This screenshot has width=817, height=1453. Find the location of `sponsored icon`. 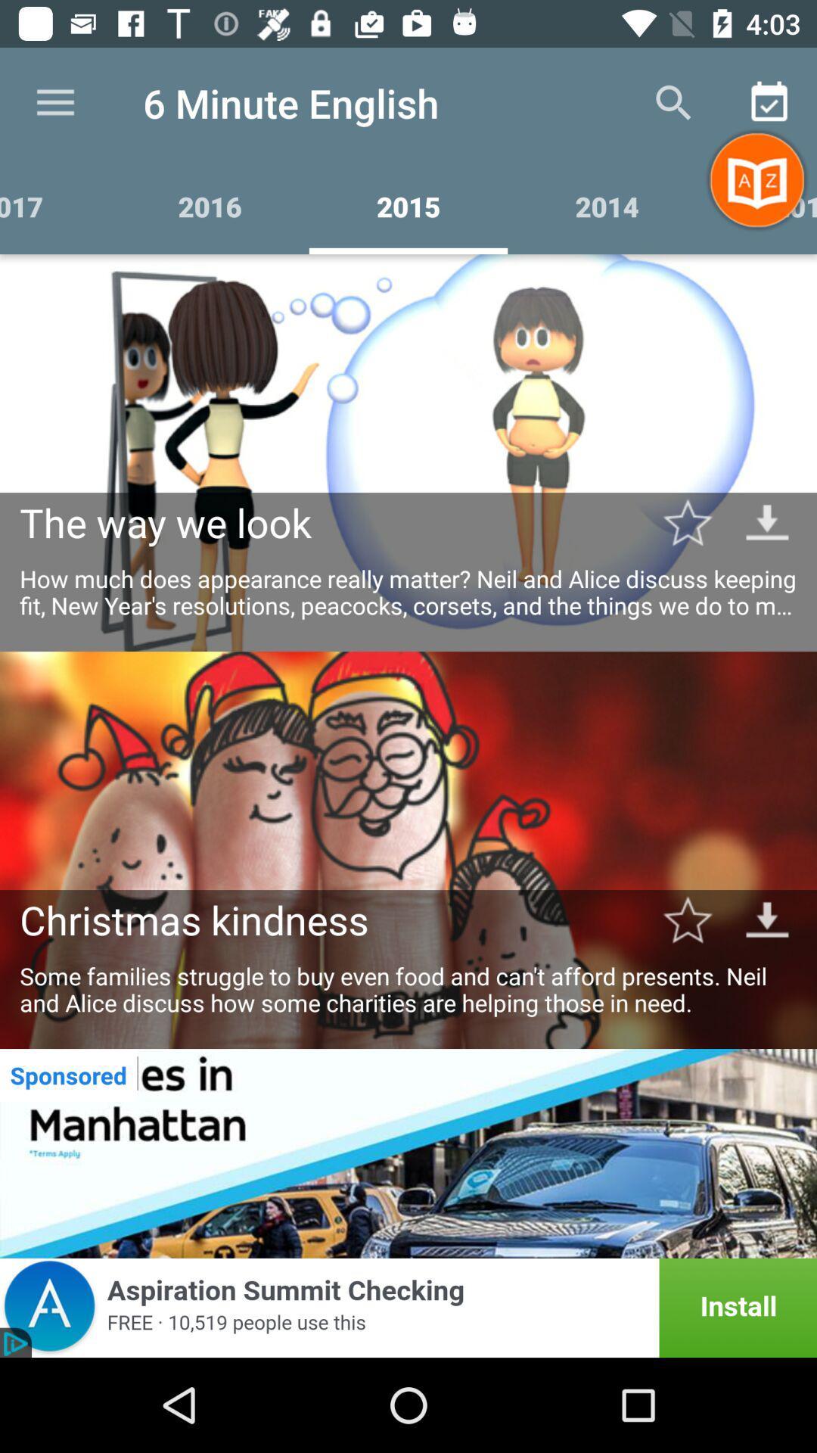

sponsored icon is located at coordinates (68, 1074).